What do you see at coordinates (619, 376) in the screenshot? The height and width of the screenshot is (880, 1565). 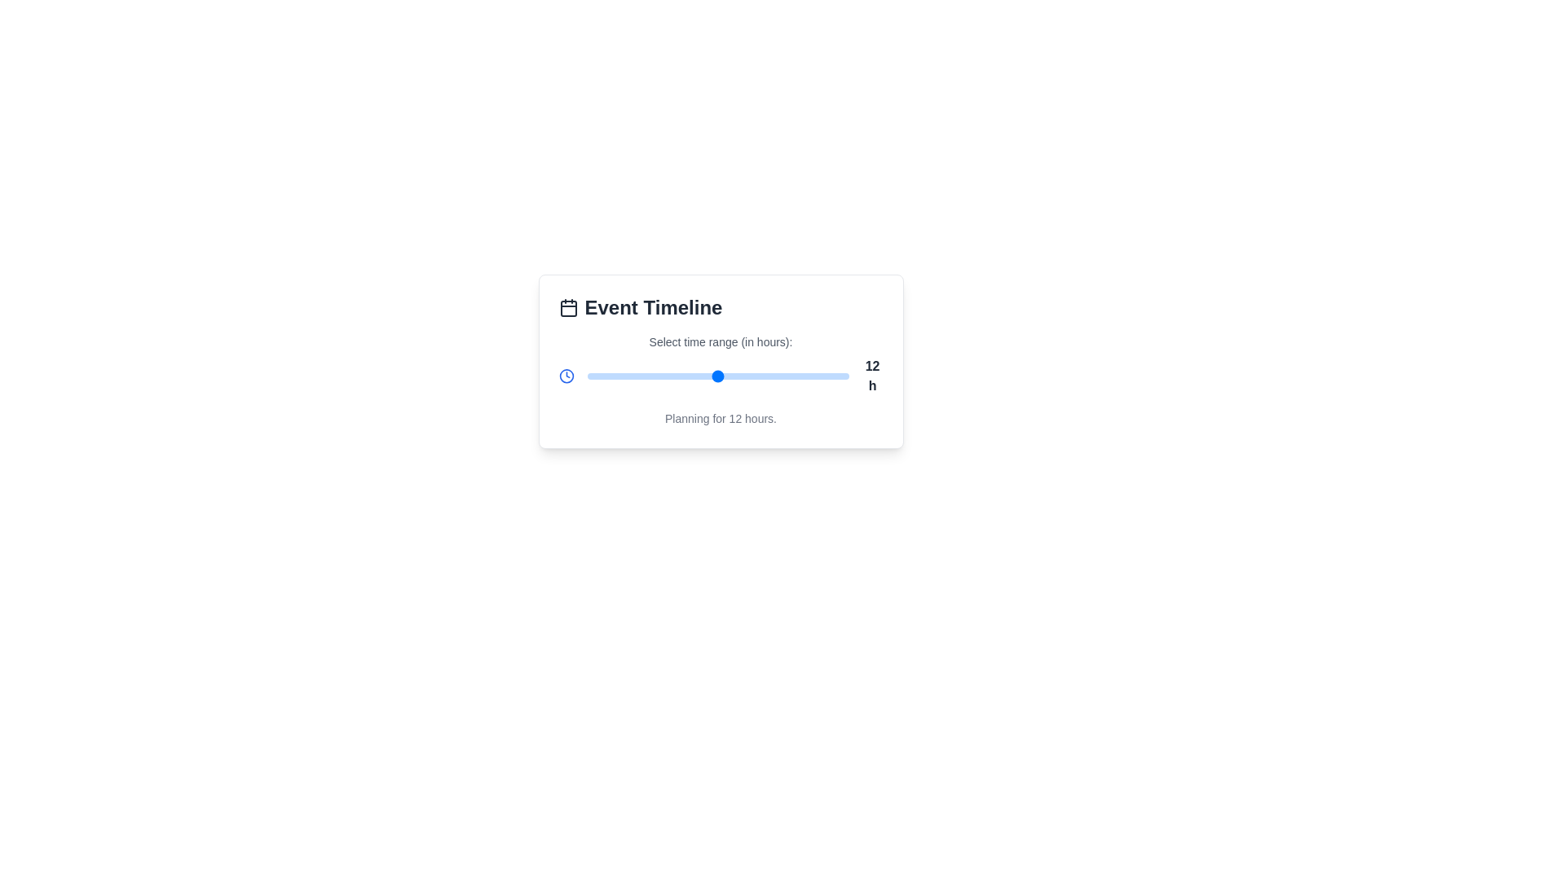 I see `the time range` at bounding box center [619, 376].